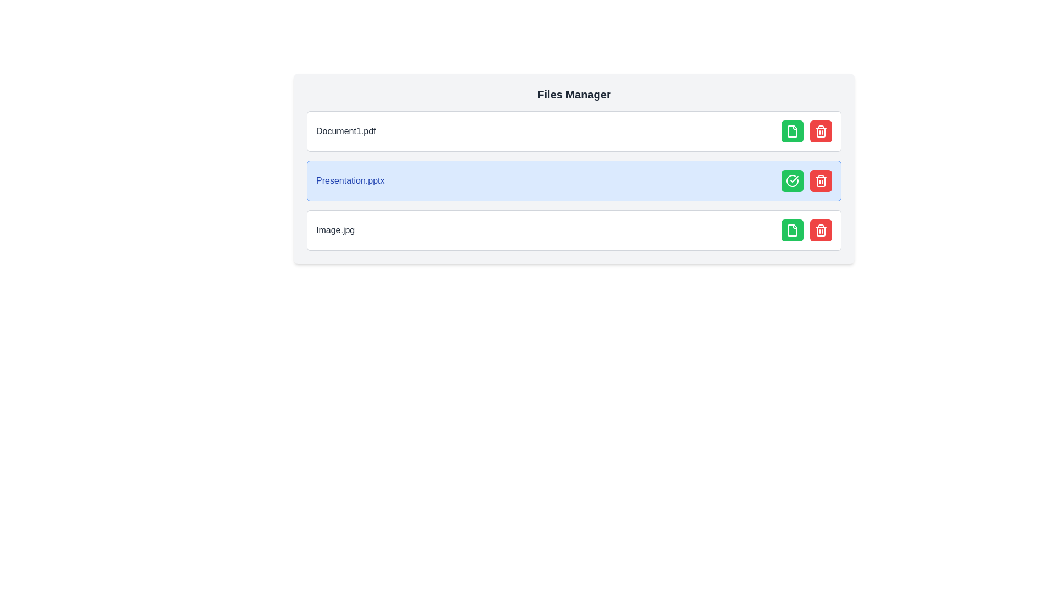 The height and width of the screenshot is (594, 1056). What do you see at coordinates (821, 131) in the screenshot?
I see `the trash icon located within the red delete button next to the row labeled 'Presentation.pptx' to initiate a delete action` at bounding box center [821, 131].